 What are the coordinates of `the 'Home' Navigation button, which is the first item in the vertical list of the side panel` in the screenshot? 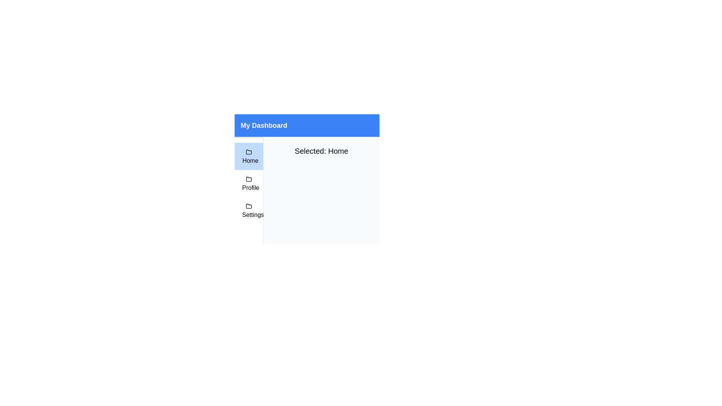 It's located at (249, 156).